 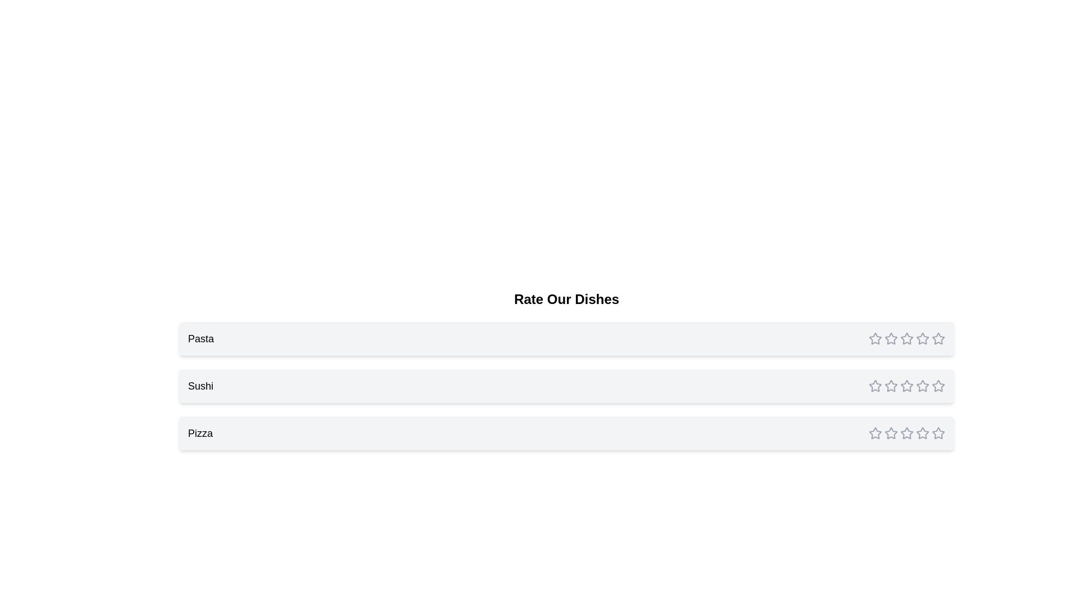 I want to click on the fifth star icon in the horizontal row of rating stars corresponding to the 'Sushi' category, so click(x=938, y=386).